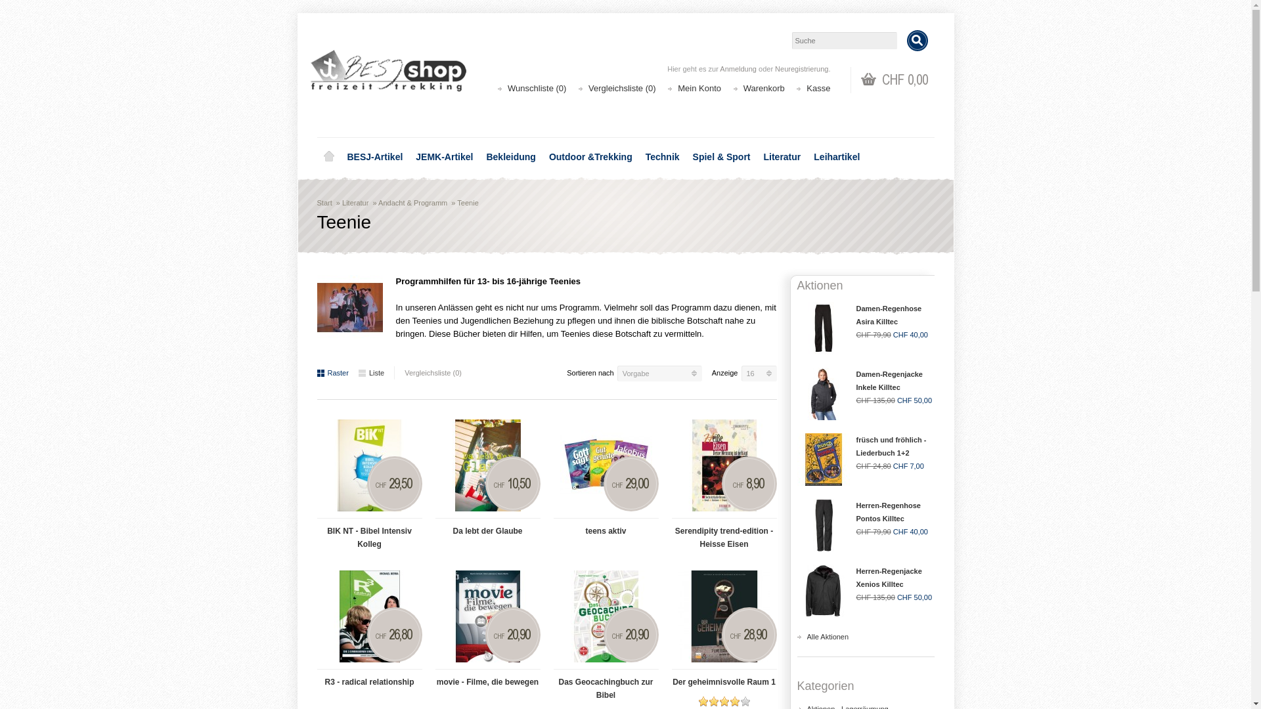 This screenshot has width=1261, height=709. What do you see at coordinates (368, 534) in the screenshot?
I see `'BIK NT - Bibel Intensiv Kolleg'` at bounding box center [368, 534].